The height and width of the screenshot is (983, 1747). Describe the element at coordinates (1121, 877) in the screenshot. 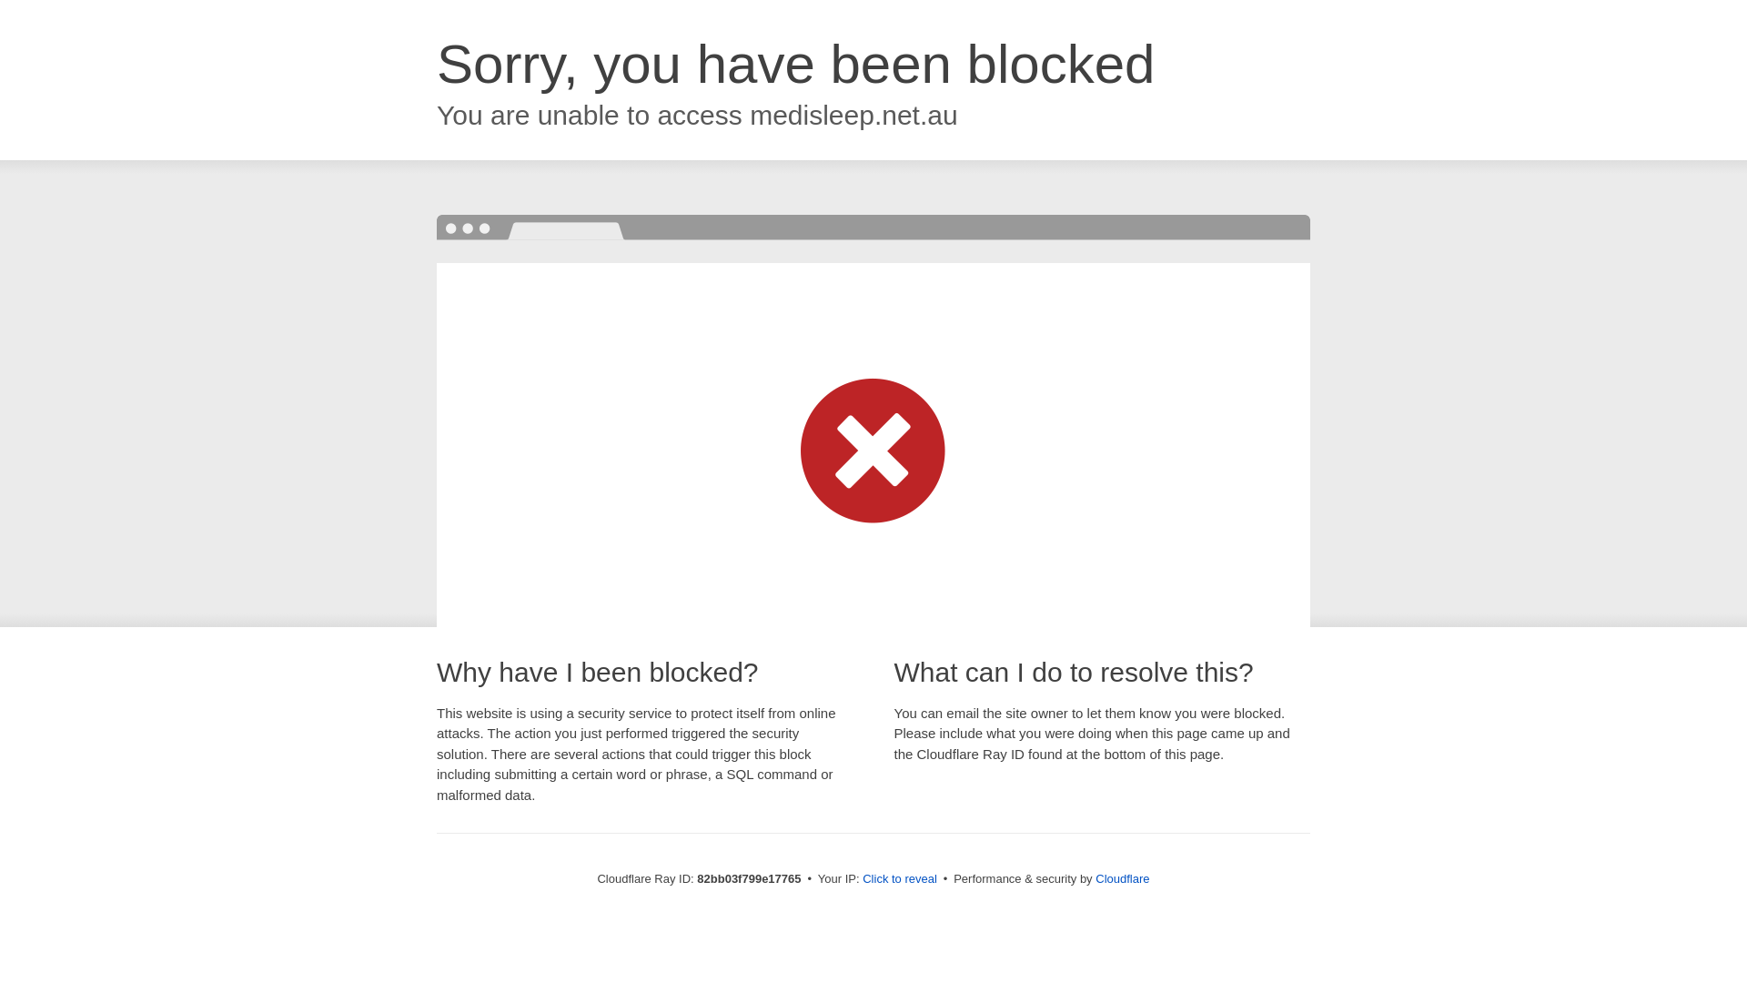

I see `'Cloudflare'` at that location.